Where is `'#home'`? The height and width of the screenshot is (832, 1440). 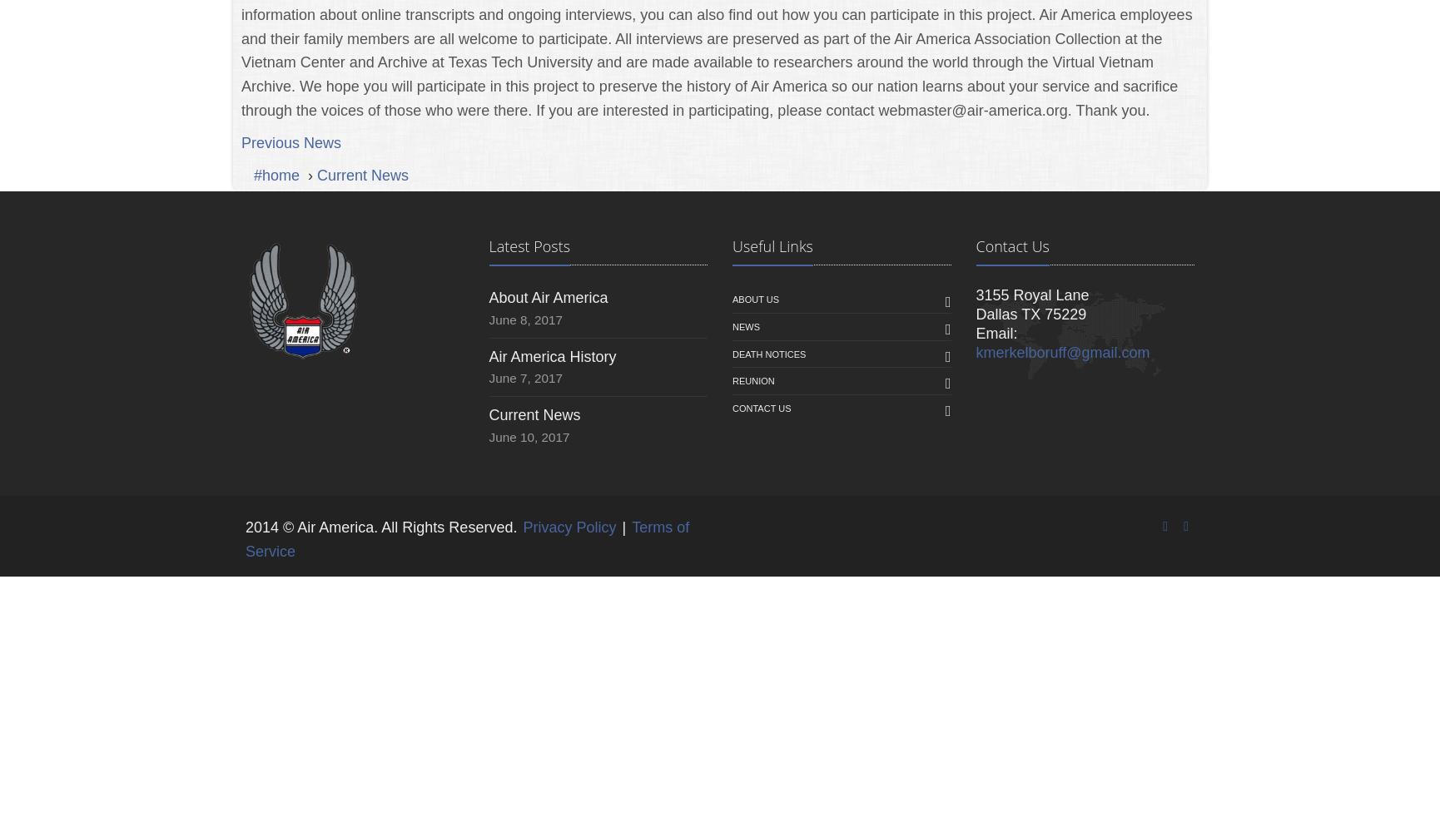
'#home' is located at coordinates (253, 174).